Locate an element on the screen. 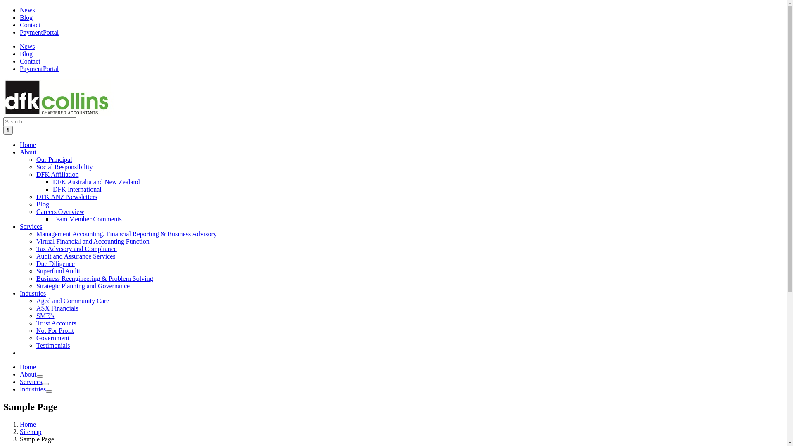 This screenshot has width=793, height=446. 'Superfund Audit' is located at coordinates (57, 271).